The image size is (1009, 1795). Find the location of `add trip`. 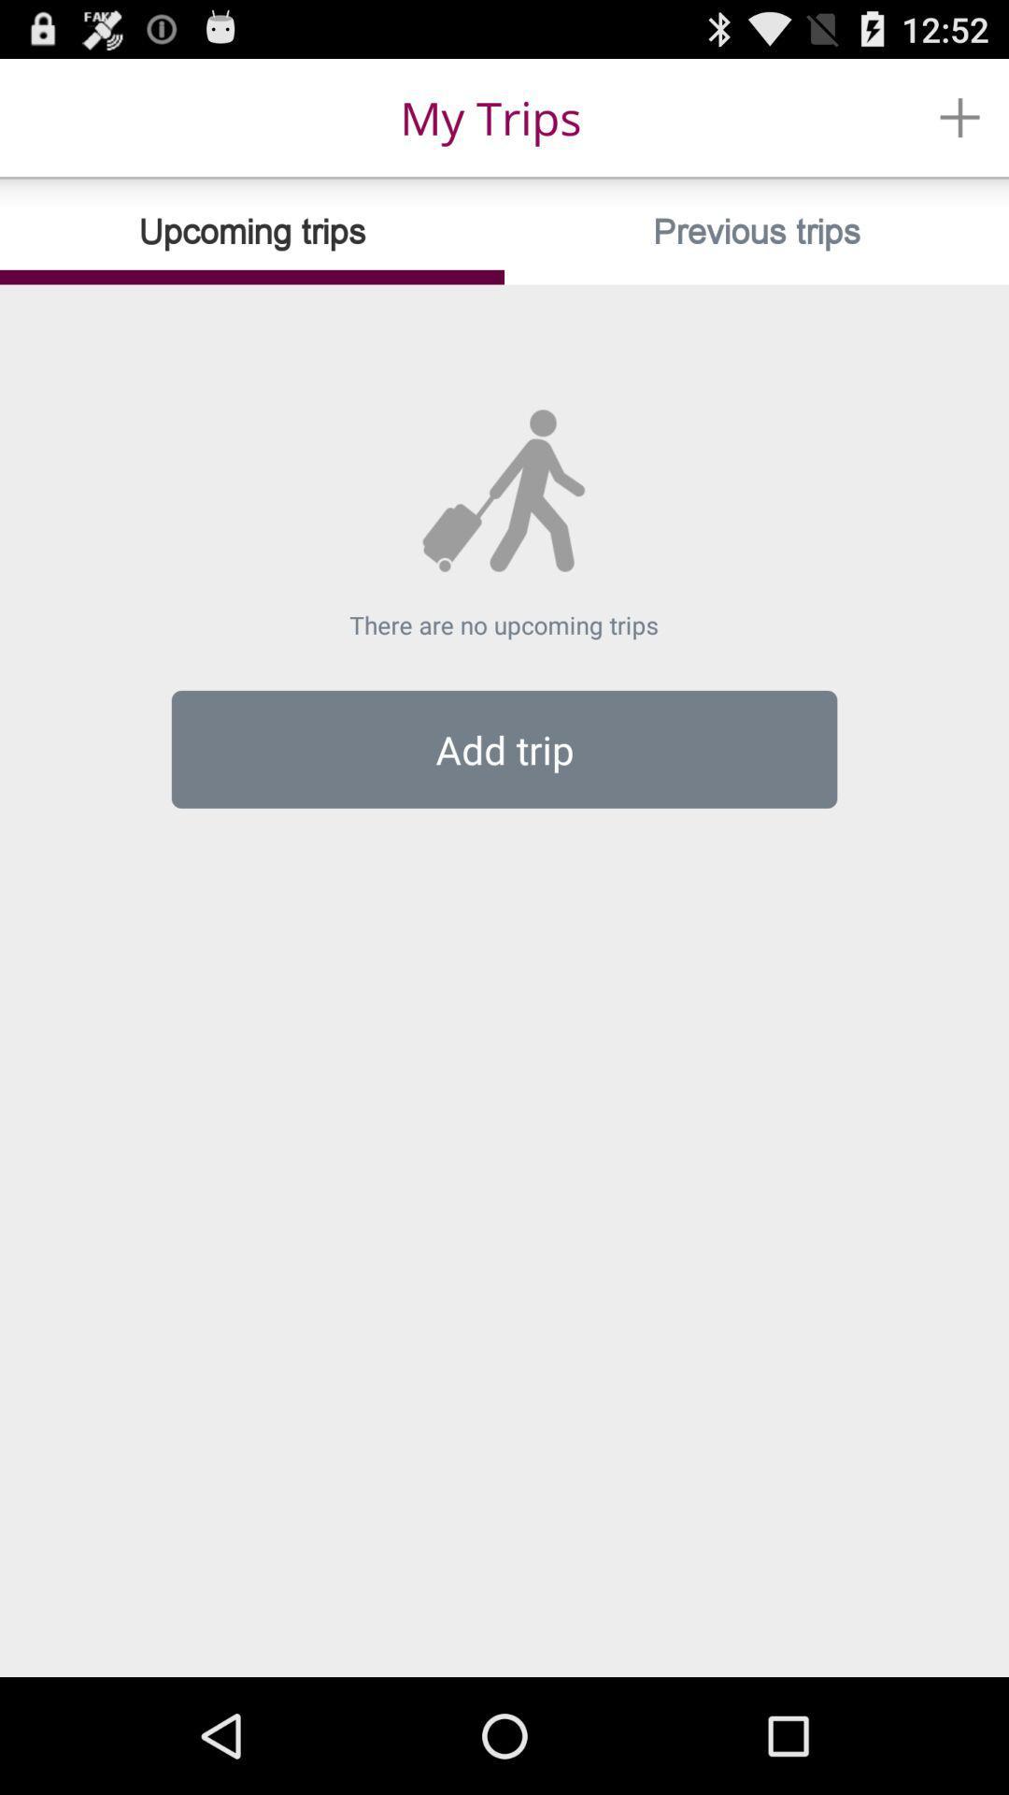

add trip is located at coordinates (504, 749).